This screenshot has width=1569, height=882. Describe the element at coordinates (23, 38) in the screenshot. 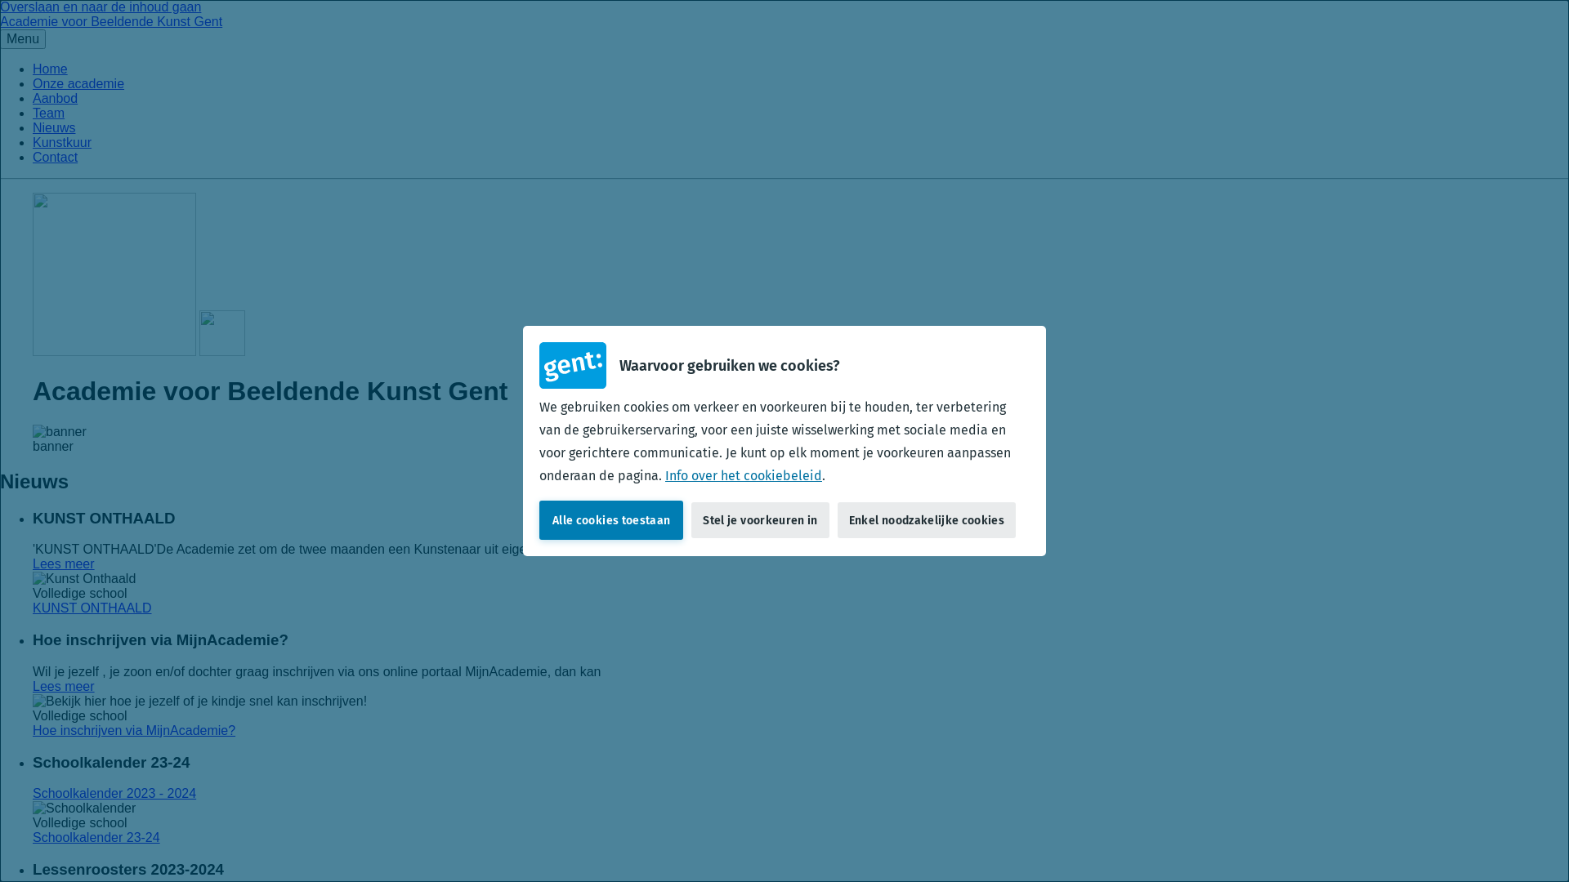

I see `'Menu'` at that location.